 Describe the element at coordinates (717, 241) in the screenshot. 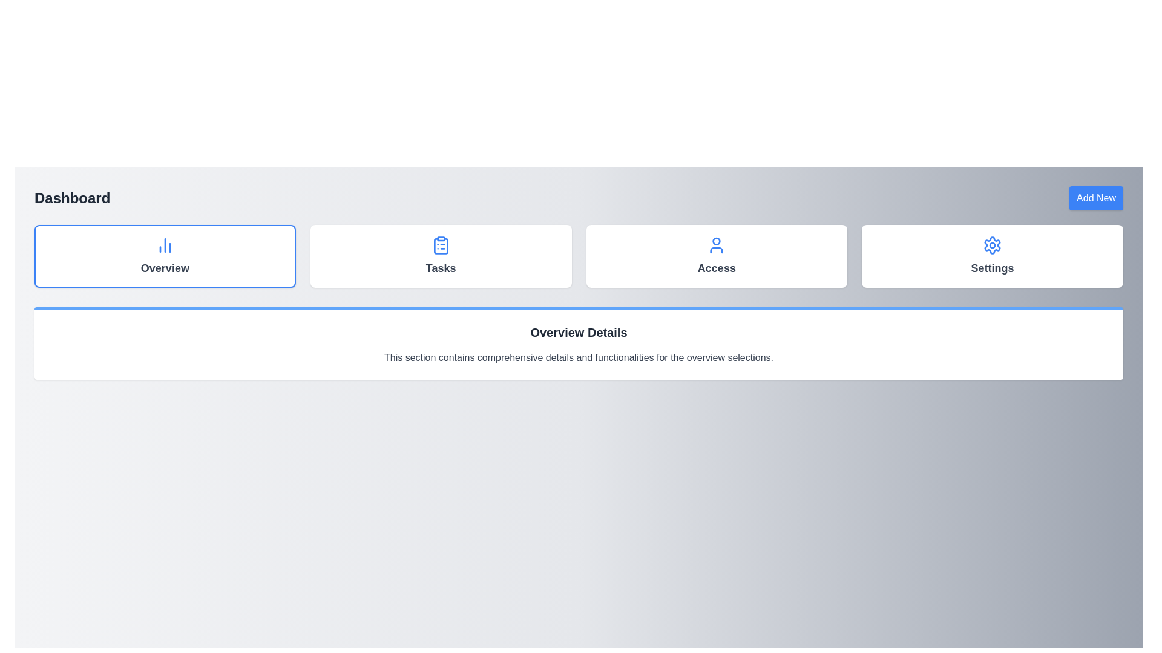

I see `the graphical component (circle) that is centrally located within the user icon in the main navigation section` at that location.